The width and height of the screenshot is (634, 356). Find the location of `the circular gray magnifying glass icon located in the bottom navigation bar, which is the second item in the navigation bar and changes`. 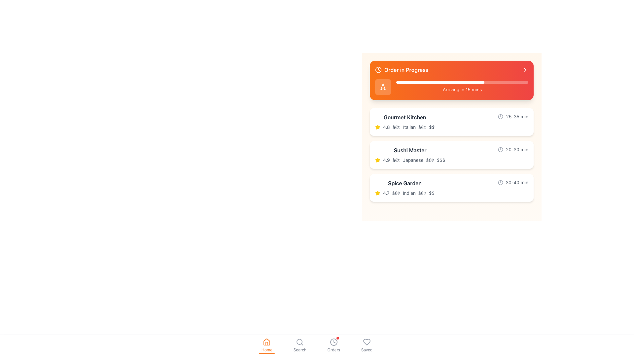

the circular gray magnifying glass icon located in the bottom navigation bar, which is the second item in the navigation bar and changes is located at coordinates (299, 341).